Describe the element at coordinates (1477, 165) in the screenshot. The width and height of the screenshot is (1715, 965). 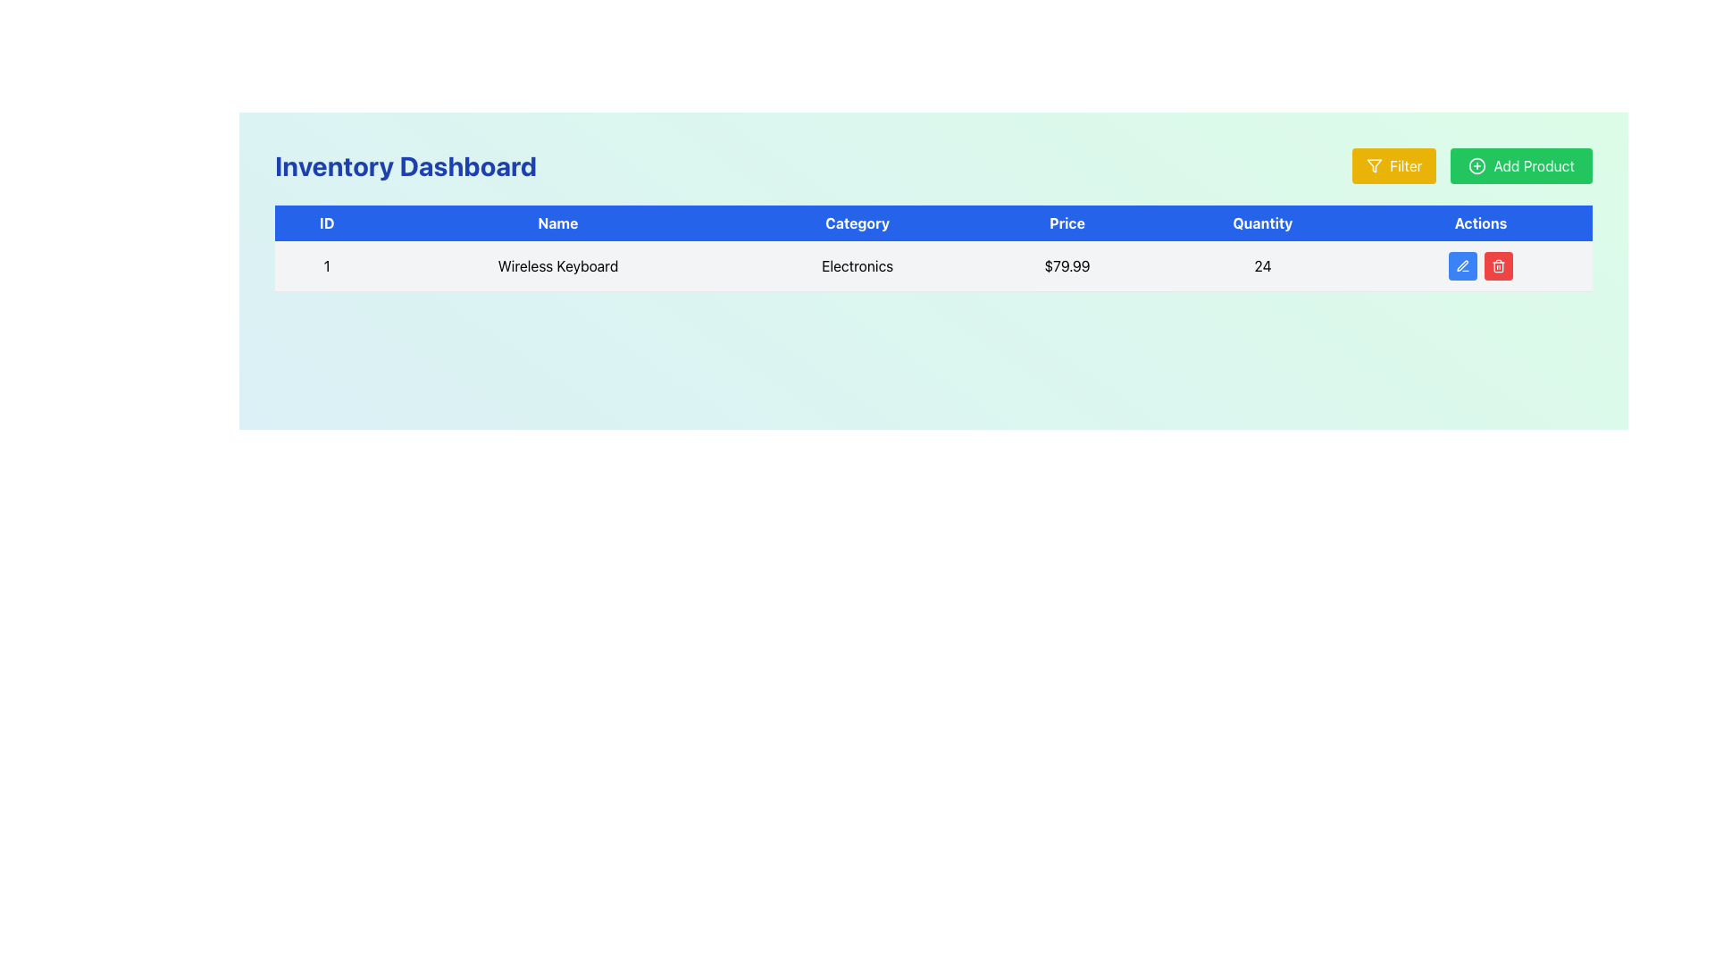
I see `the circular icon with a plus symbol in the center, which is located to the left of the 'Add Product' text within the green button` at that location.